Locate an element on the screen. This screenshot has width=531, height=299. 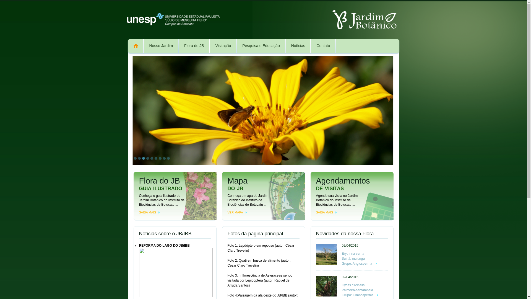
'7' is located at coordinates (160, 158).